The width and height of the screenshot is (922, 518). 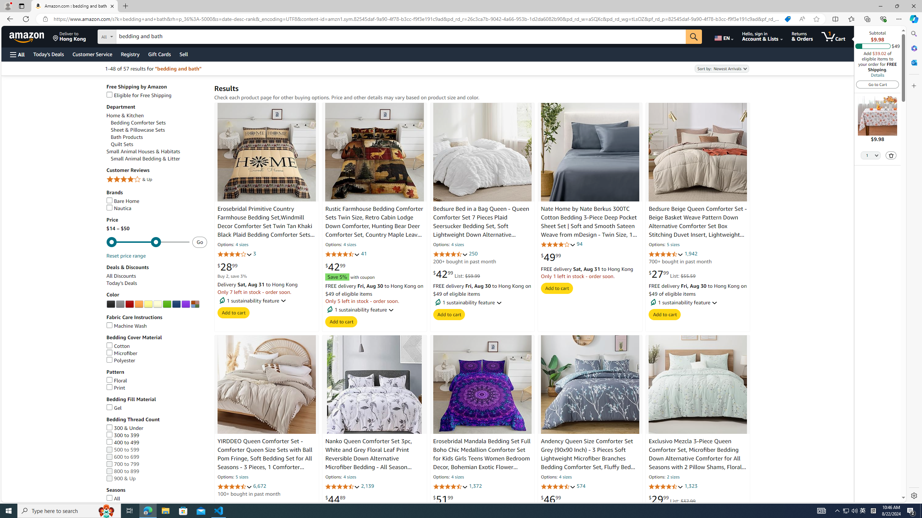 I want to click on 'Sort by:', so click(x=721, y=68).